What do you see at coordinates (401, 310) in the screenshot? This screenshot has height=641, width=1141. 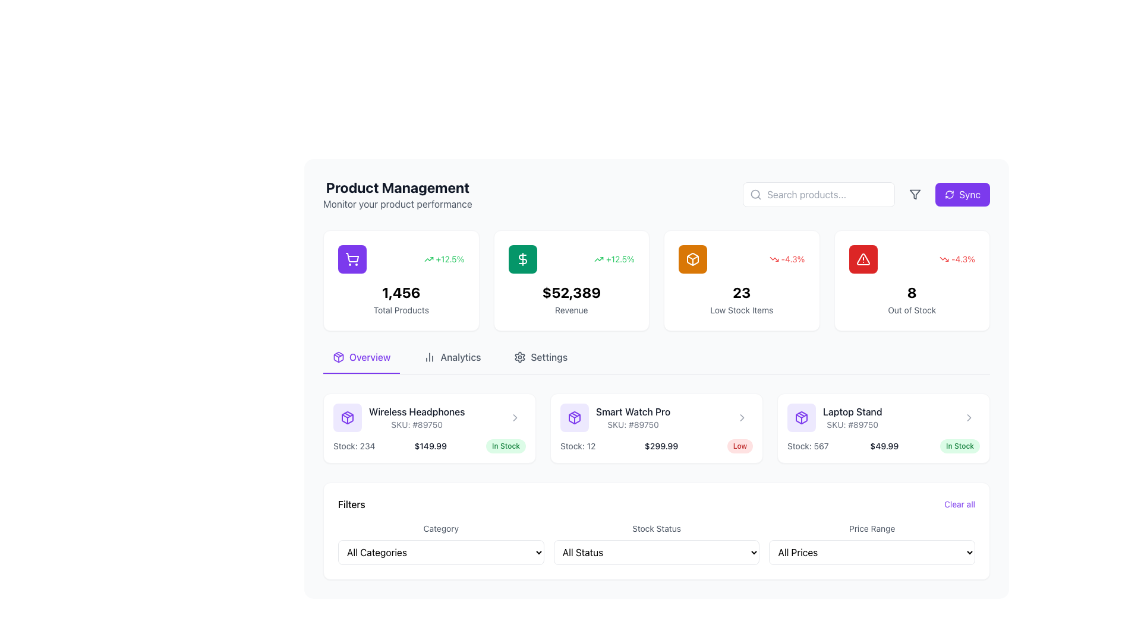 I see `text label that provides context to the numerical metric 'Total Products', which is positioned below the number '1,456' in the first metric card at the top of the interface` at bounding box center [401, 310].